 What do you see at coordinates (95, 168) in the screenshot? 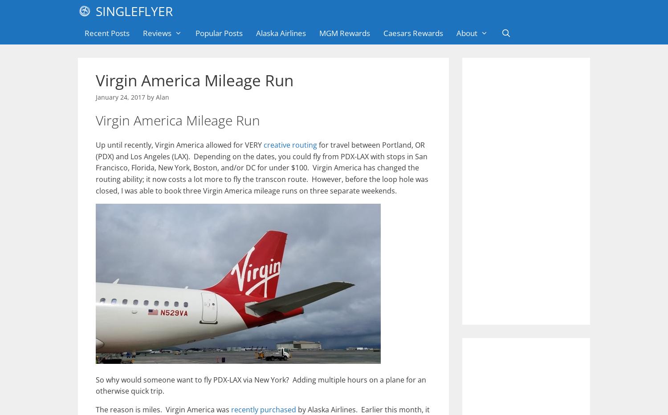
I see `'for travel between Portland, OR (PDX) and Los Angeles (LAX).  Depending on the dates, you could fly from PDX-LAX with stops in San Francisco, Florida, New York, Boston, and/or DC for under $100.  Virgin America has changed the routing ability; it now costs a lot more to fly the transcon route.  However, before the loop hole was closed, I was able to book three Virgin America mileage runs on three separate weekends.'` at bounding box center [95, 168].